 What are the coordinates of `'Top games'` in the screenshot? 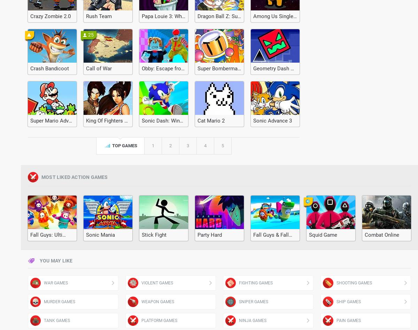 It's located at (124, 145).